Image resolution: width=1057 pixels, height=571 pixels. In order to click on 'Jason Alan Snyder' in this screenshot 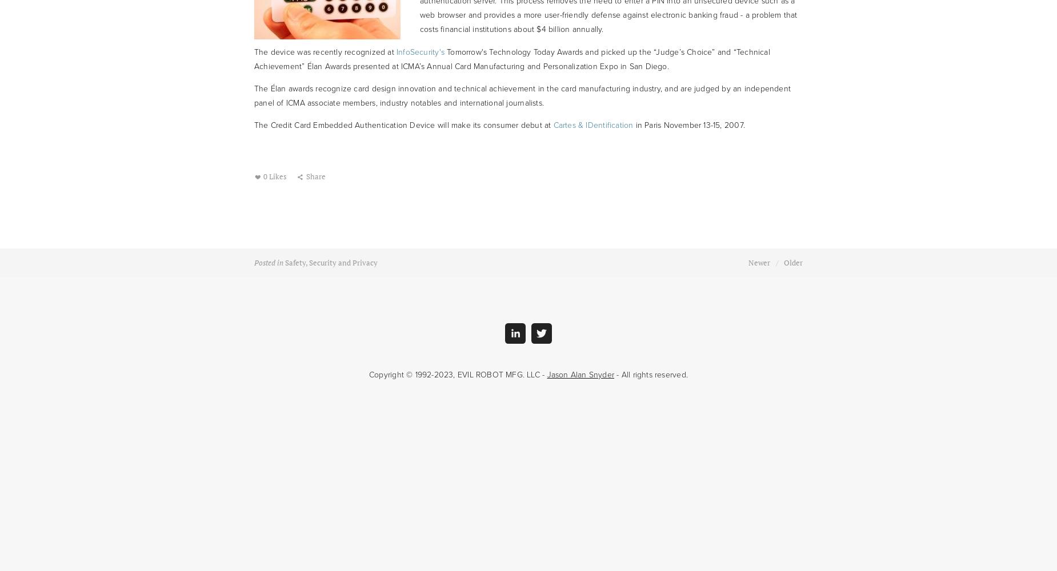, I will do `click(580, 375)`.